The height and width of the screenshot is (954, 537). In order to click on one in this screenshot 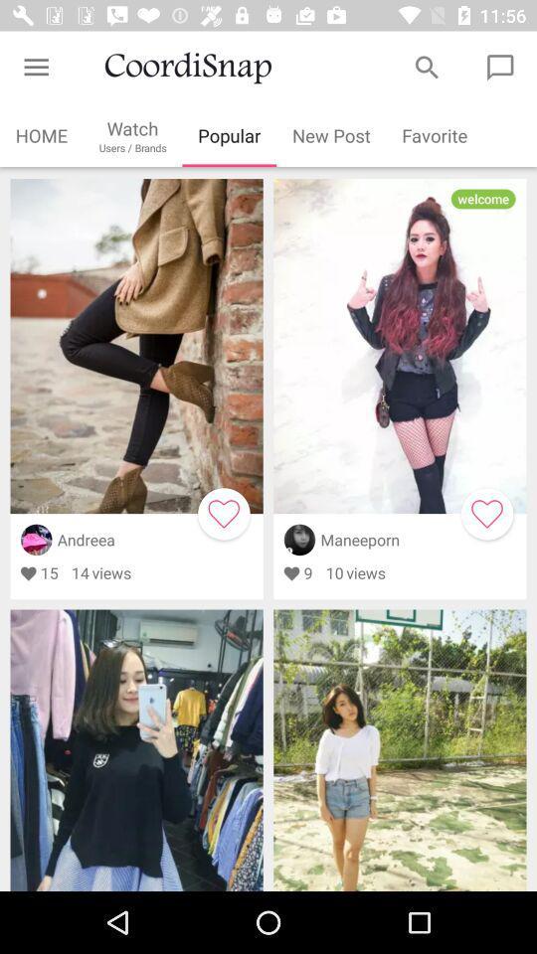, I will do `click(223, 513)`.